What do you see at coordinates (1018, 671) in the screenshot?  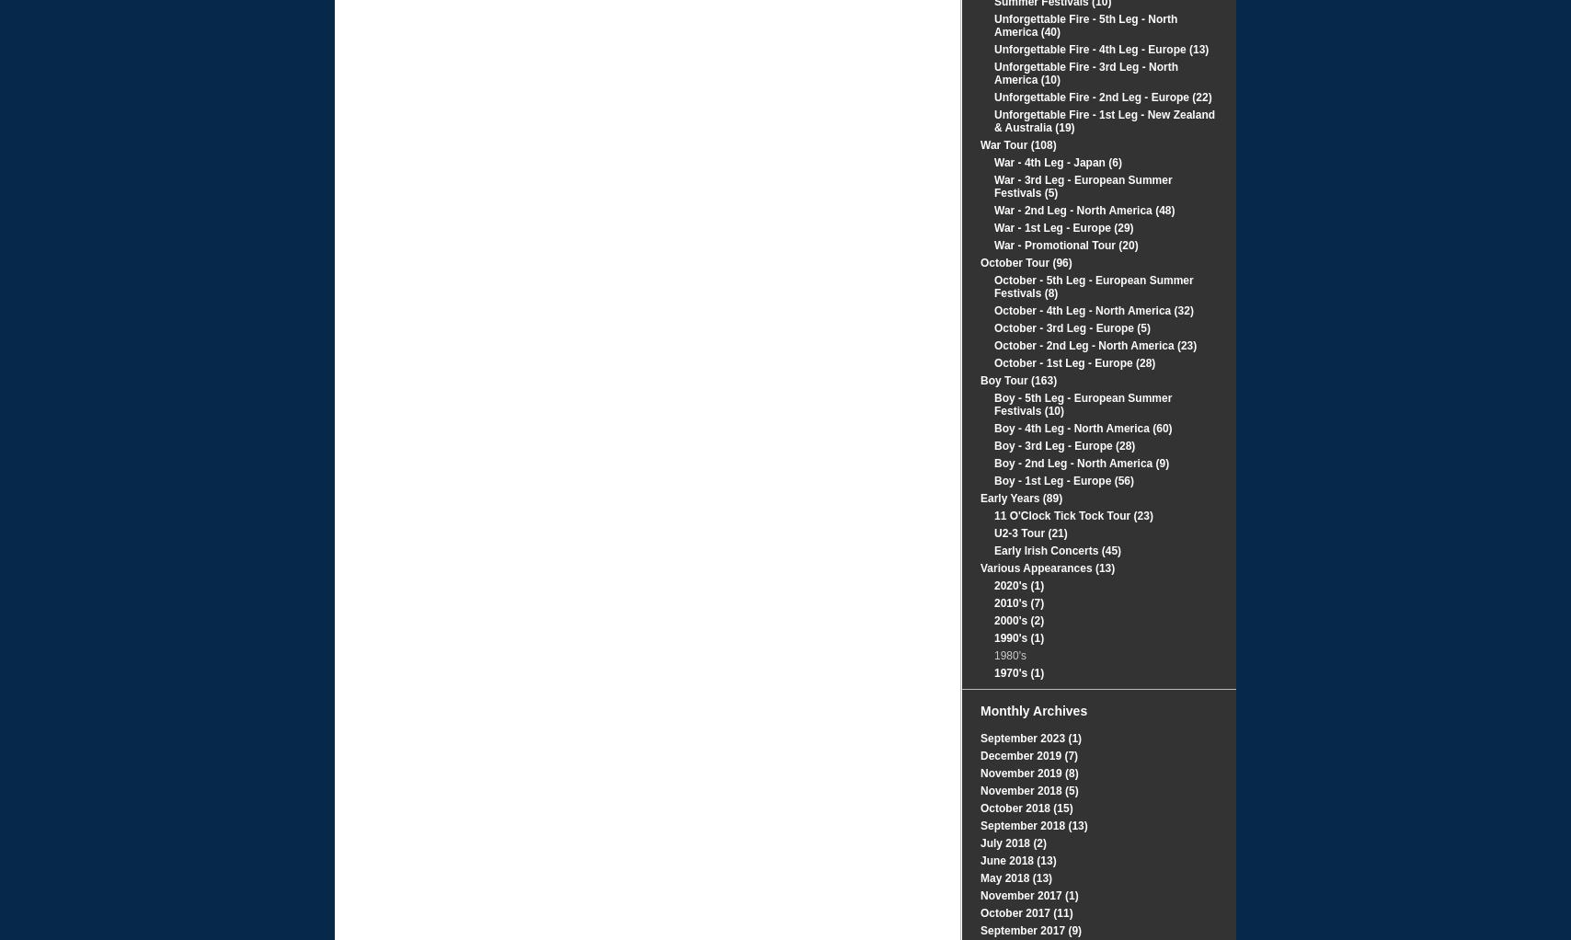 I see `'1970's (1)'` at bounding box center [1018, 671].